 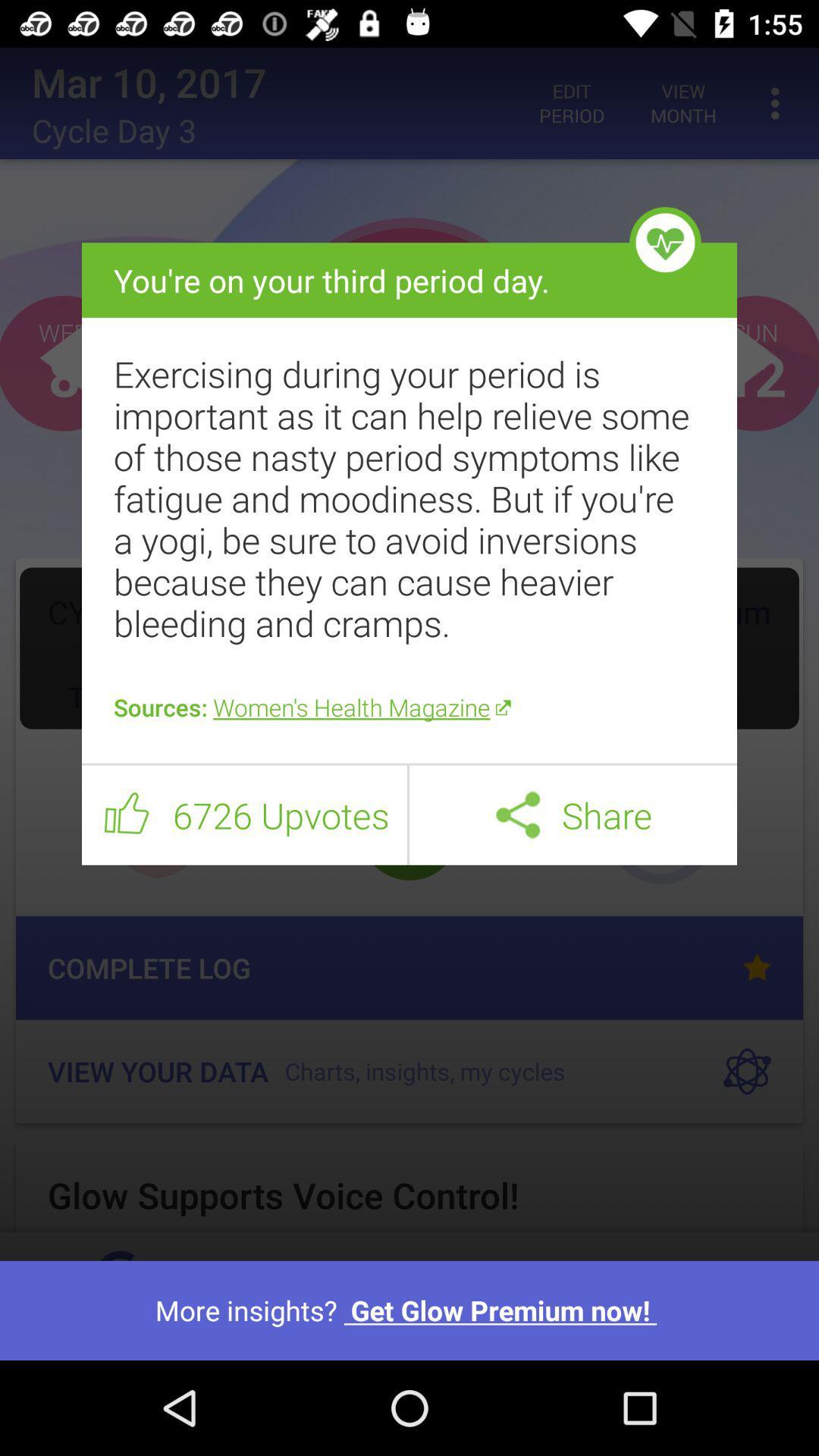 What do you see at coordinates (517, 814) in the screenshot?
I see `the icon to the left of share icon` at bounding box center [517, 814].